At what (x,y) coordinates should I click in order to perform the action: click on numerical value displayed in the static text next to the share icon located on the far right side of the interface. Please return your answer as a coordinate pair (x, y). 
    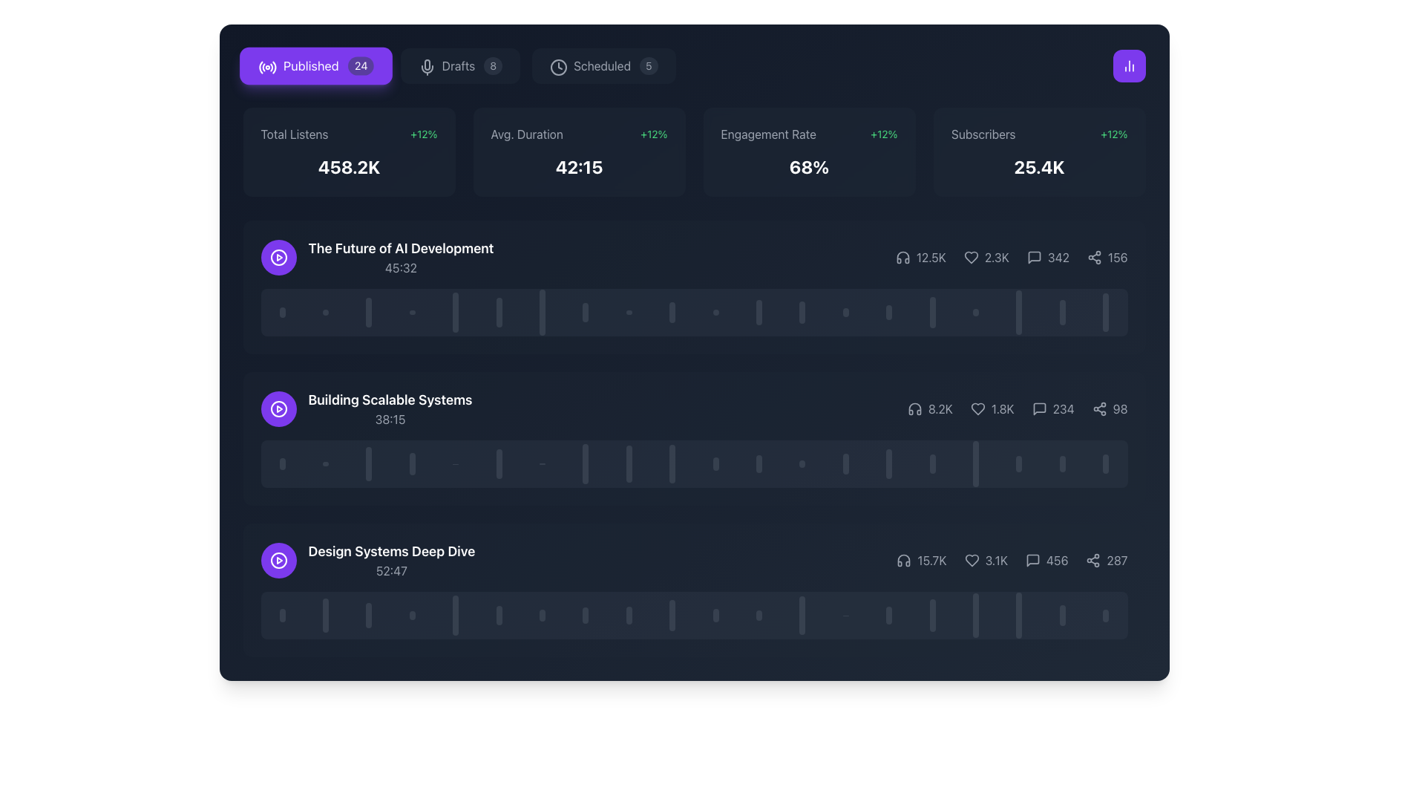
    Looking at the image, I should click on (1117, 561).